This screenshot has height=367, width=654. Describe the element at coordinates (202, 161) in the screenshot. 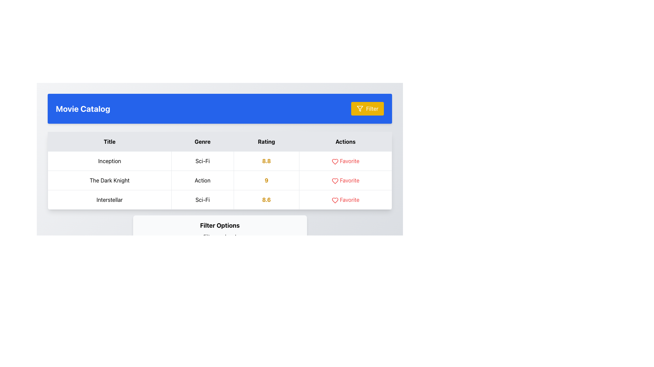

I see `the non-interactive text label indicating the genre 'Sci-Fi' for the title 'Inception', which is located in the 'Genre' column of the table layout` at that location.